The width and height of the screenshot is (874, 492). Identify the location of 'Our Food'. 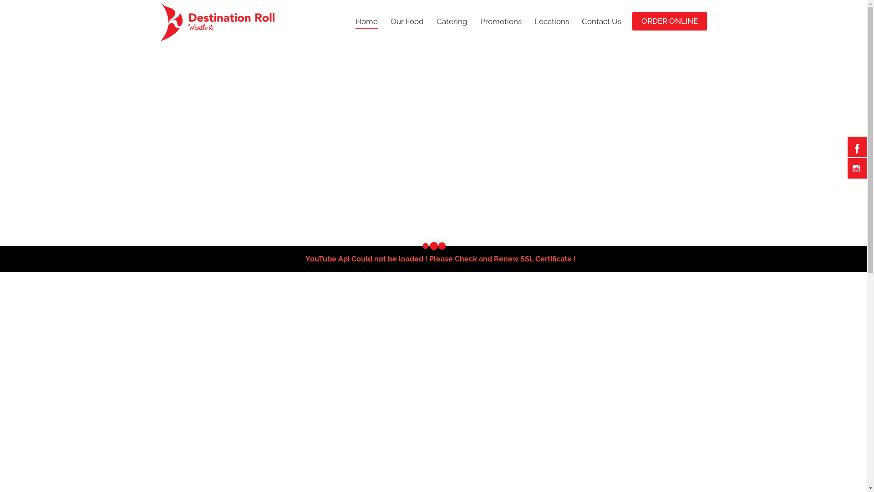
(407, 21).